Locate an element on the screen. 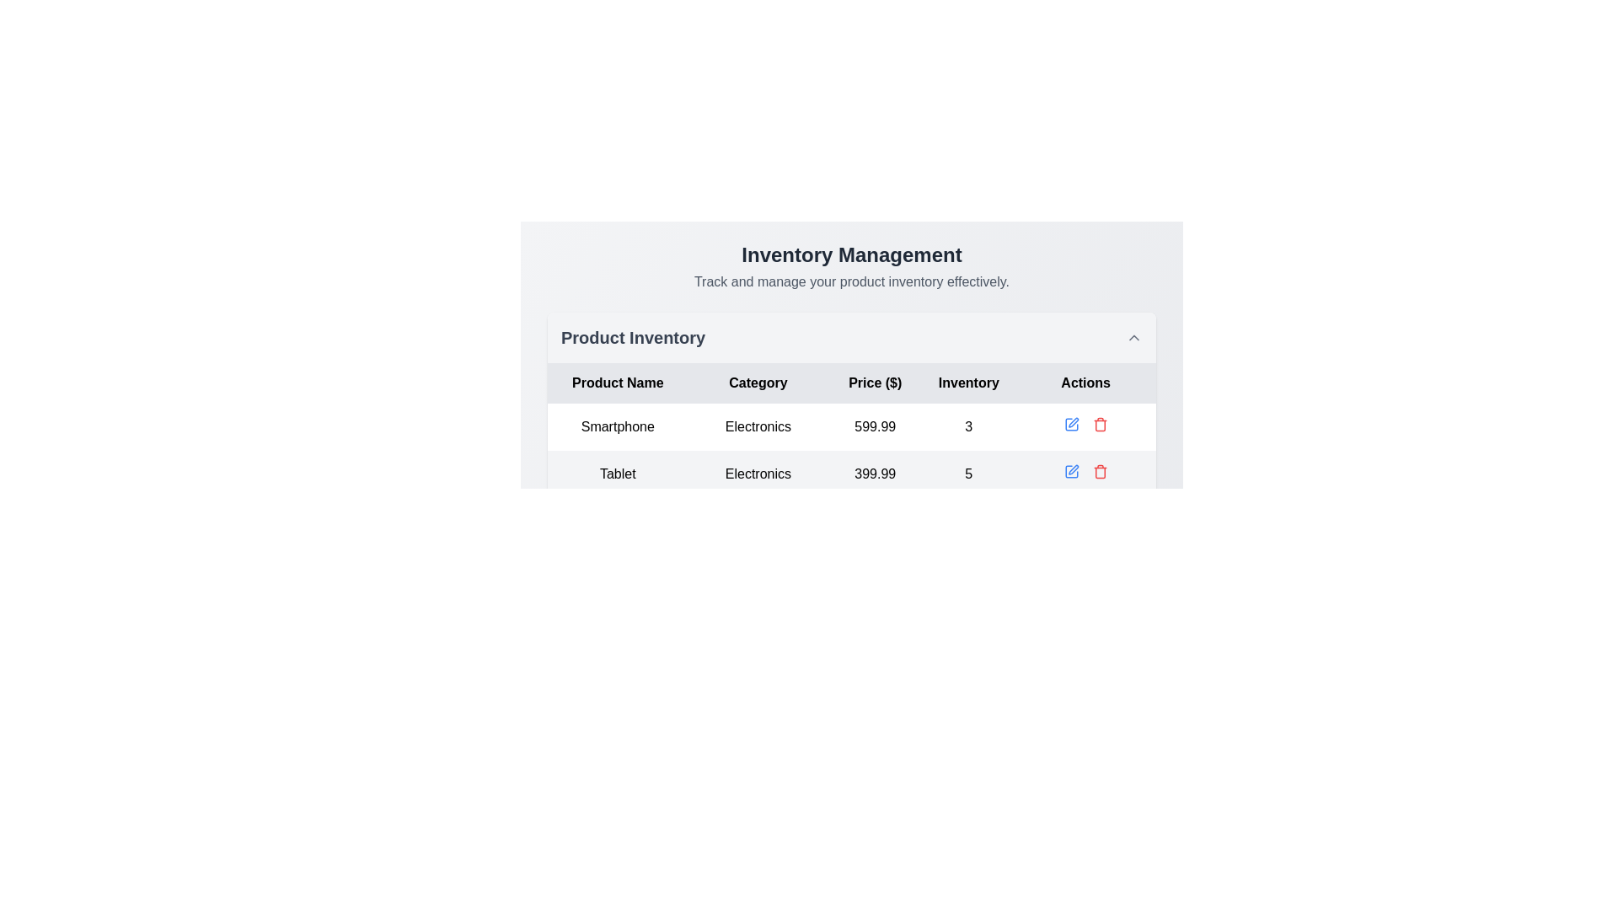 This screenshot has width=1618, height=910. the 'Product Name' text label, which is the first element in the header row of a table, displayed in bold black font on a light gray background is located at coordinates (617, 383).